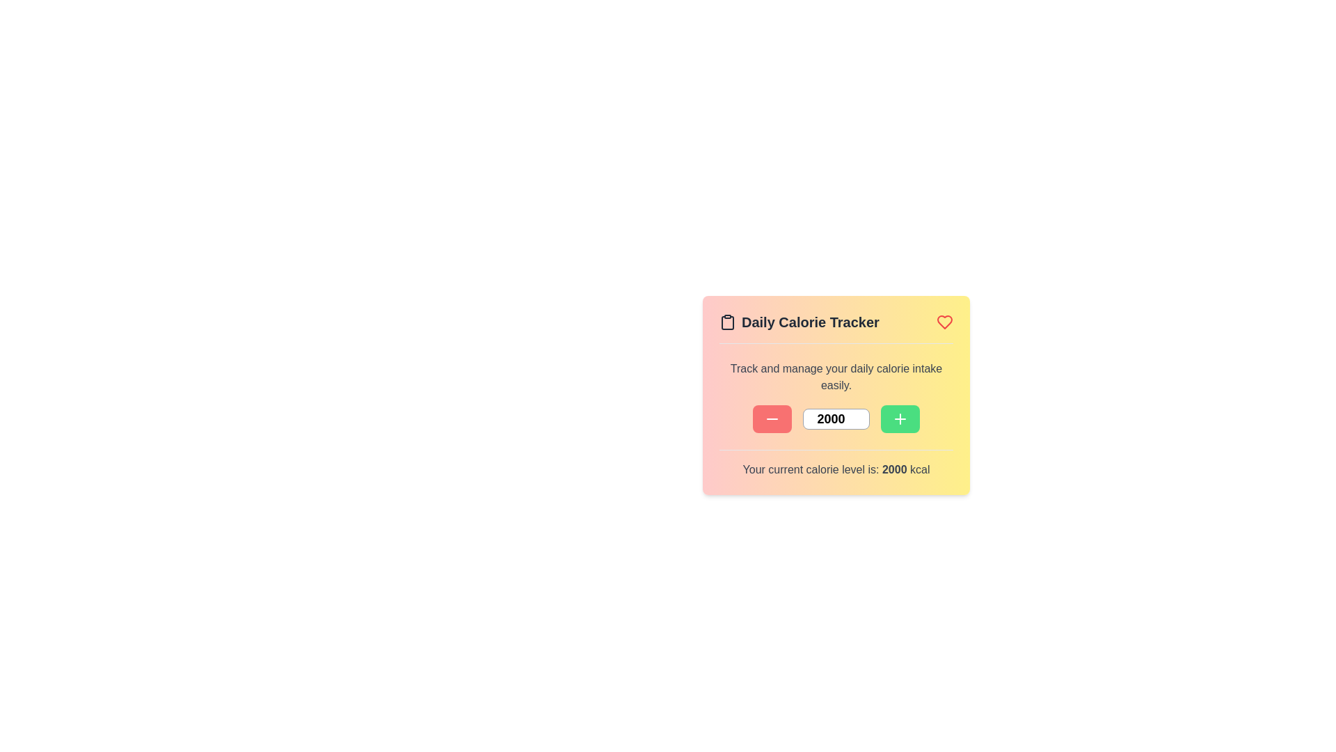 This screenshot has height=752, width=1336. Describe the element at coordinates (835, 464) in the screenshot. I see `the static informational display showing the current calorie level at the bottom of the calorie tracking widget` at that location.